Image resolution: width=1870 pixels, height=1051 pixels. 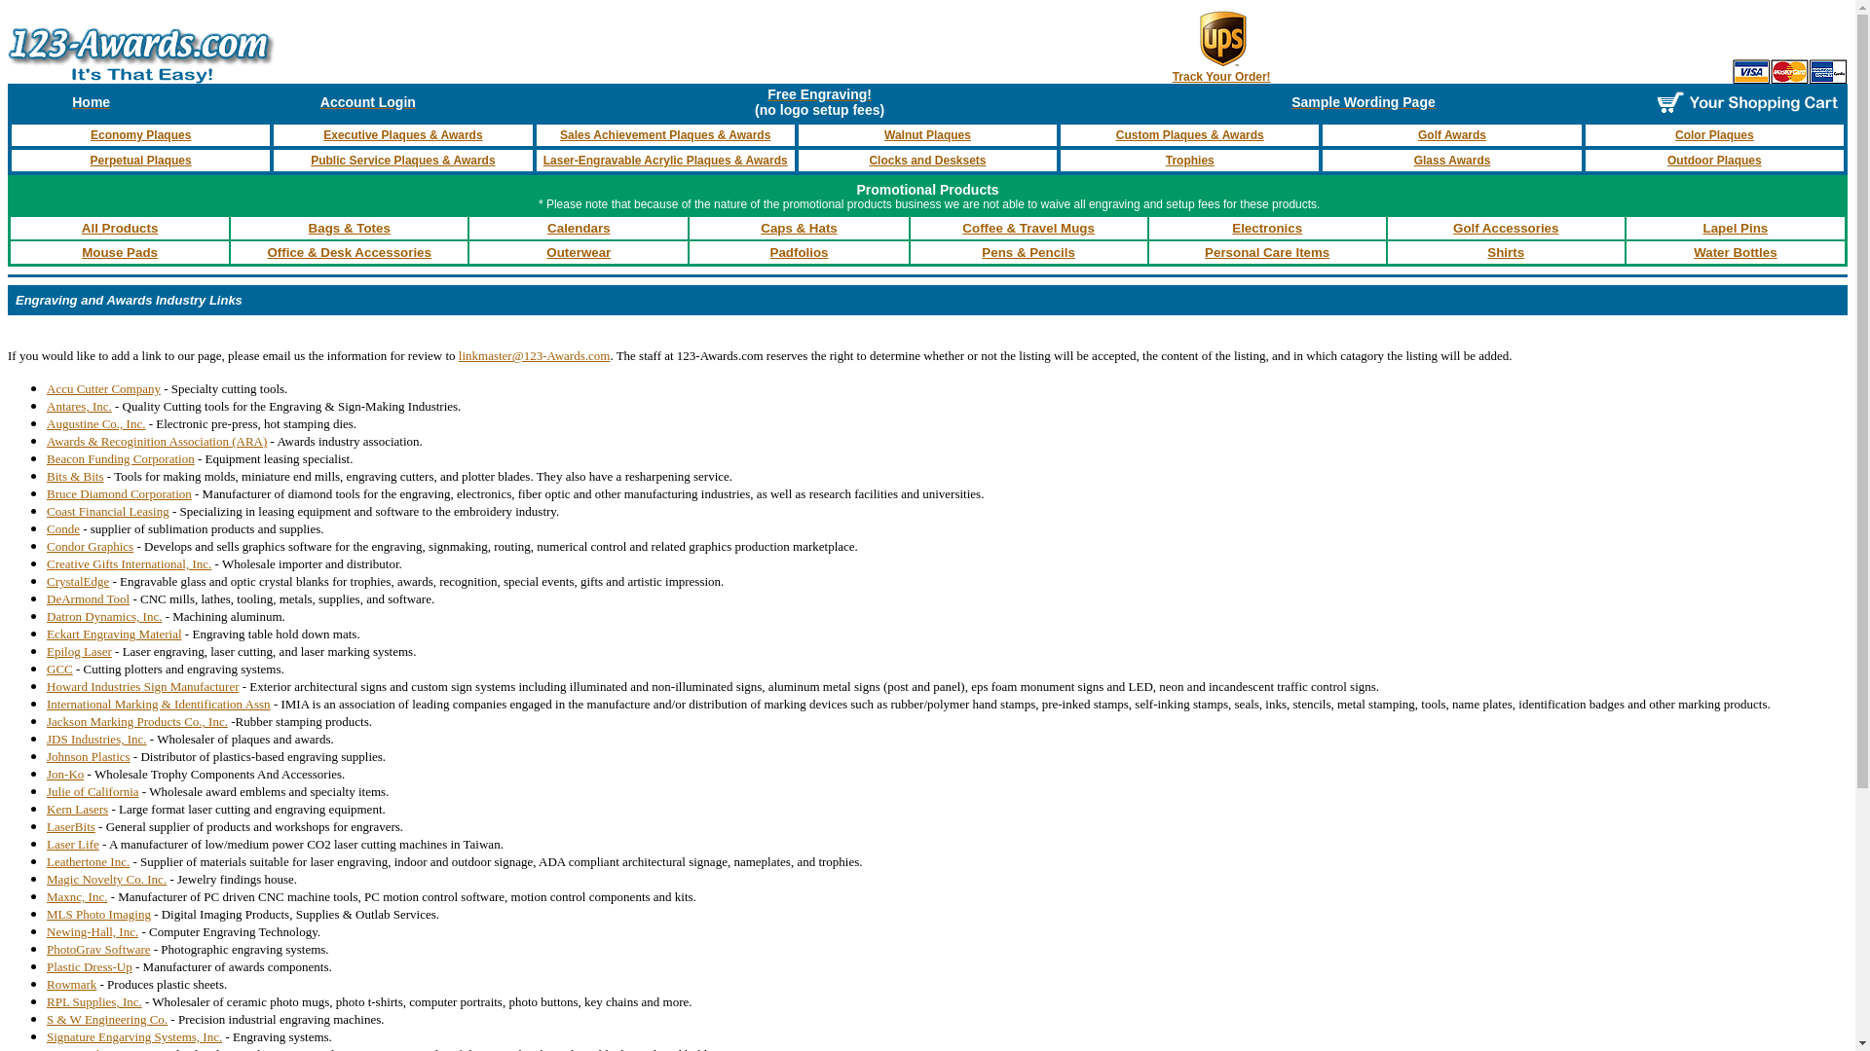 What do you see at coordinates (73, 842) in the screenshot?
I see `'Laser Life'` at bounding box center [73, 842].